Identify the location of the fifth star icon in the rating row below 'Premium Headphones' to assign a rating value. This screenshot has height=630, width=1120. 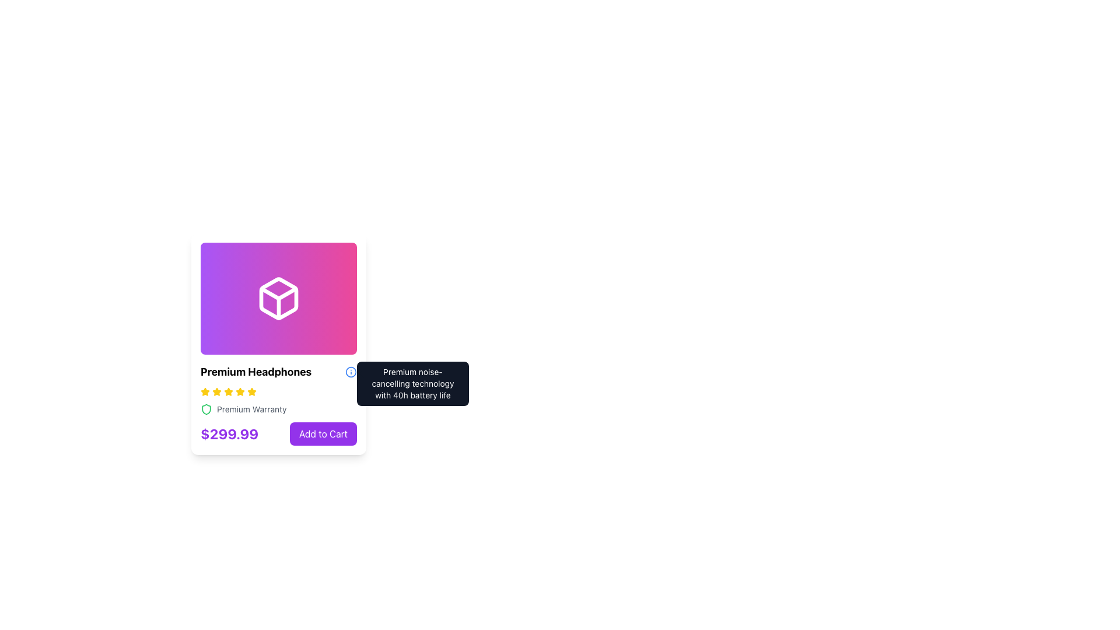
(240, 391).